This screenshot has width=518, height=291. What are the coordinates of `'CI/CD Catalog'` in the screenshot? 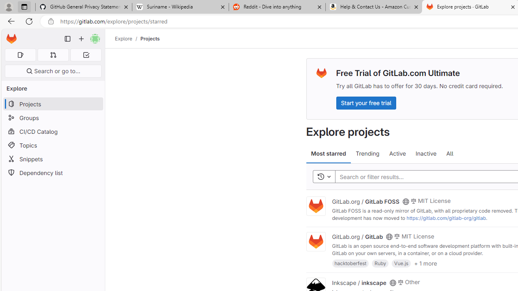 It's located at (53, 131).